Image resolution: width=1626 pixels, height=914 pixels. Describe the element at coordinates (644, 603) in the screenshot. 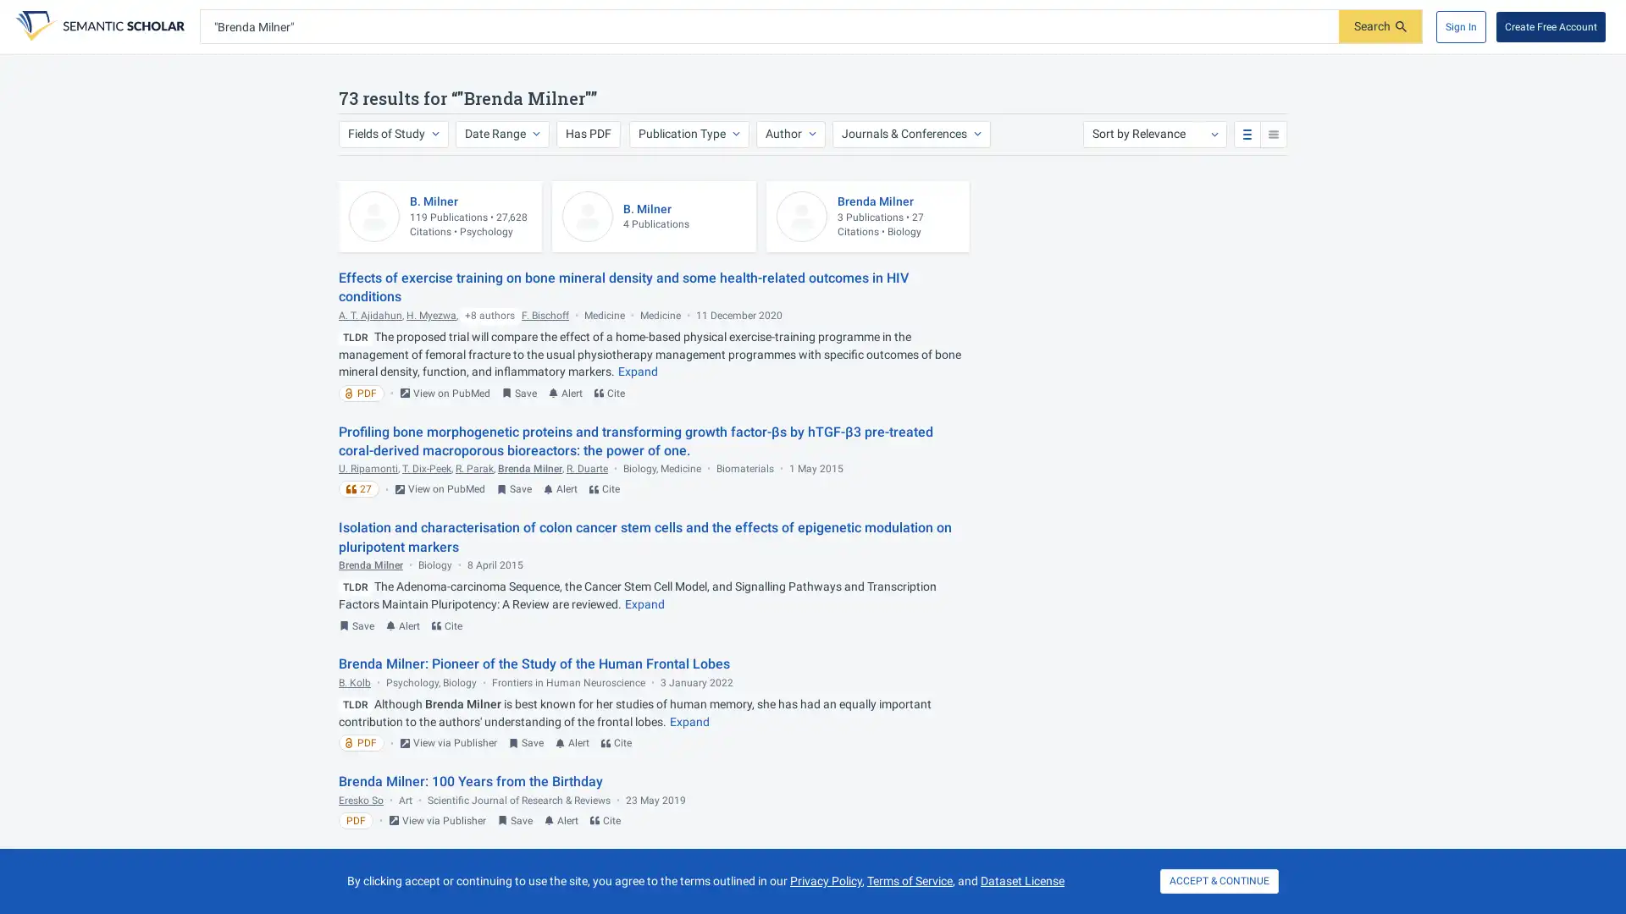

I see `Expand truncated text` at that location.